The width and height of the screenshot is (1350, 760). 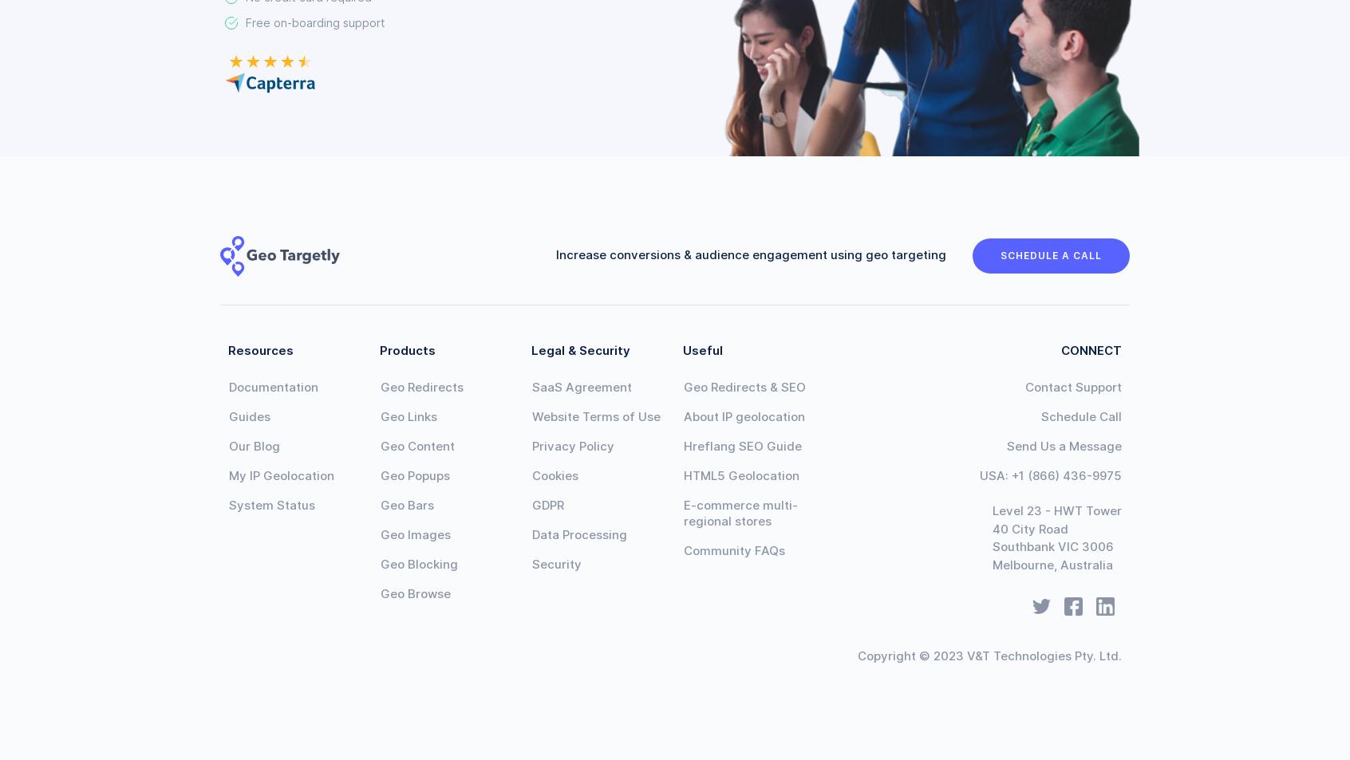 I want to click on 'Guides', so click(x=249, y=416).